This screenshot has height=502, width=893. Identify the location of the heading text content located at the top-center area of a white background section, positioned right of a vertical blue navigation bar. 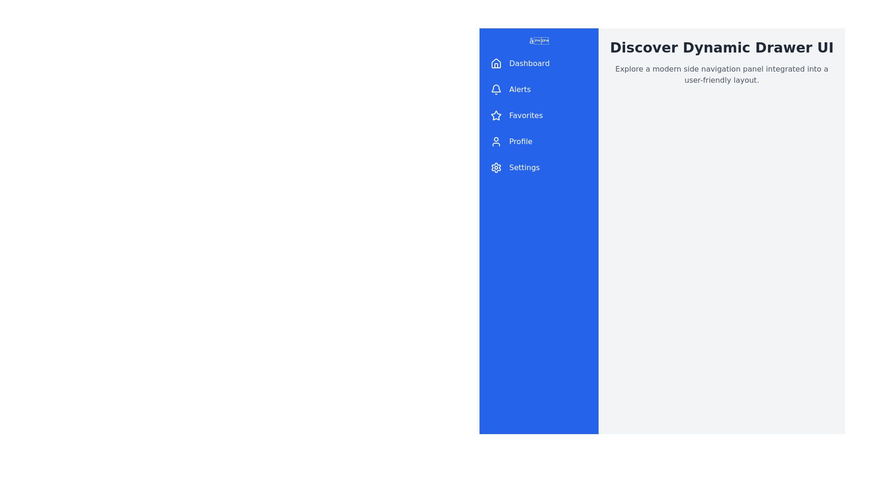
(721, 48).